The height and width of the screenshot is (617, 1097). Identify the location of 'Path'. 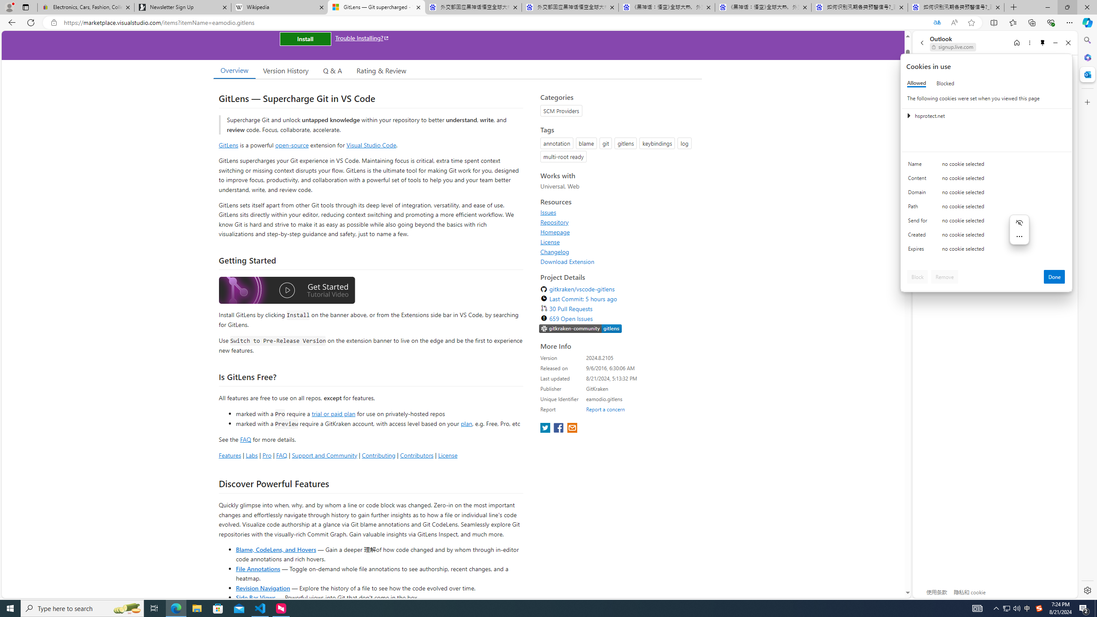
(919, 208).